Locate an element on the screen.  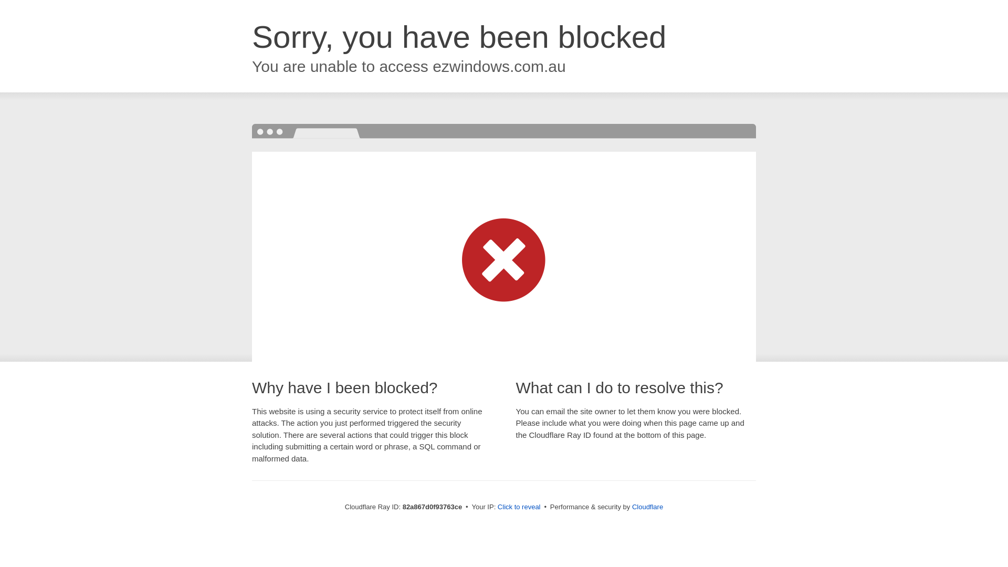
'Cloudflare' is located at coordinates (647, 506).